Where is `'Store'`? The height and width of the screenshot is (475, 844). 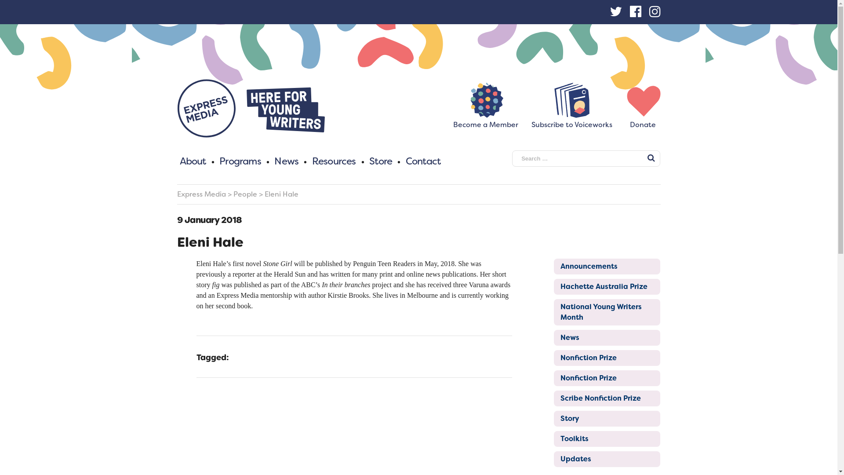 'Store' is located at coordinates (380, 161).